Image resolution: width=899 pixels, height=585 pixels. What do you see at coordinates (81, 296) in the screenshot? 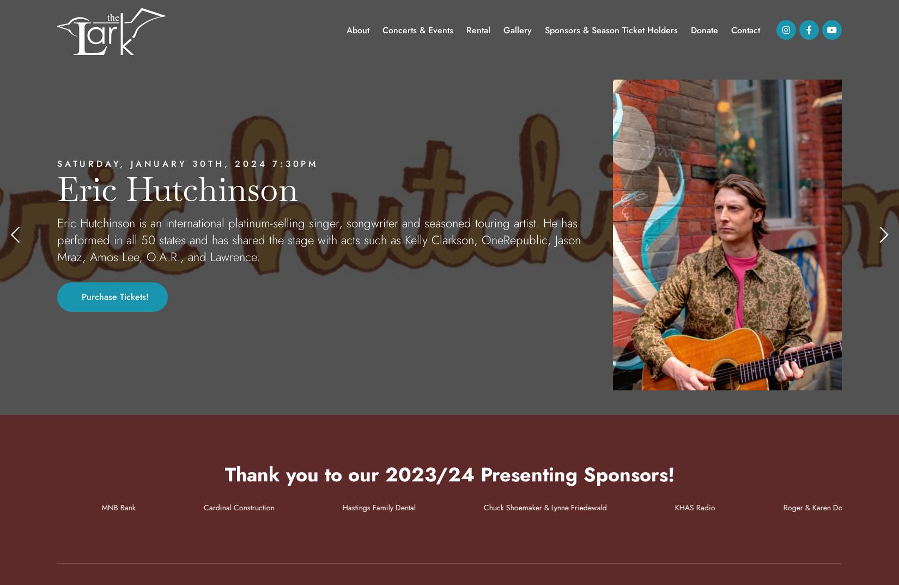
I see `'Purchase Tickets!'` at bounding box center [81, 296].